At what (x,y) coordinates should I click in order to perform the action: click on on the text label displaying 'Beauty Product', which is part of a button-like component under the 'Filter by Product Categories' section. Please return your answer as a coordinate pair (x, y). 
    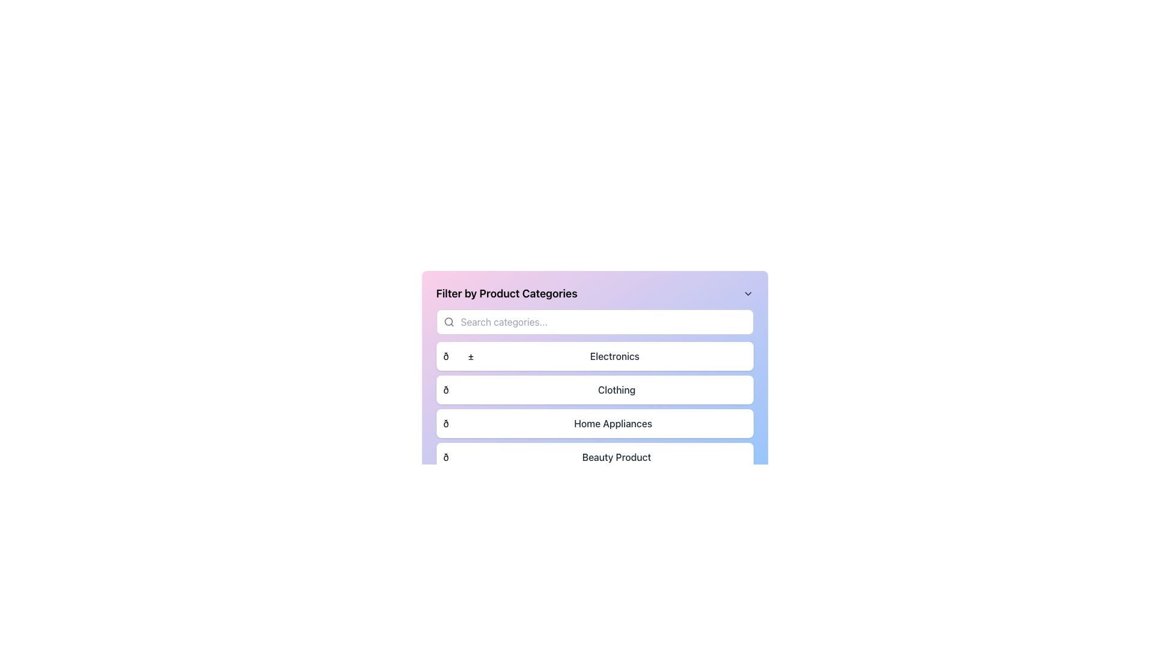
    Looking at the image, I should click on (617, 457).